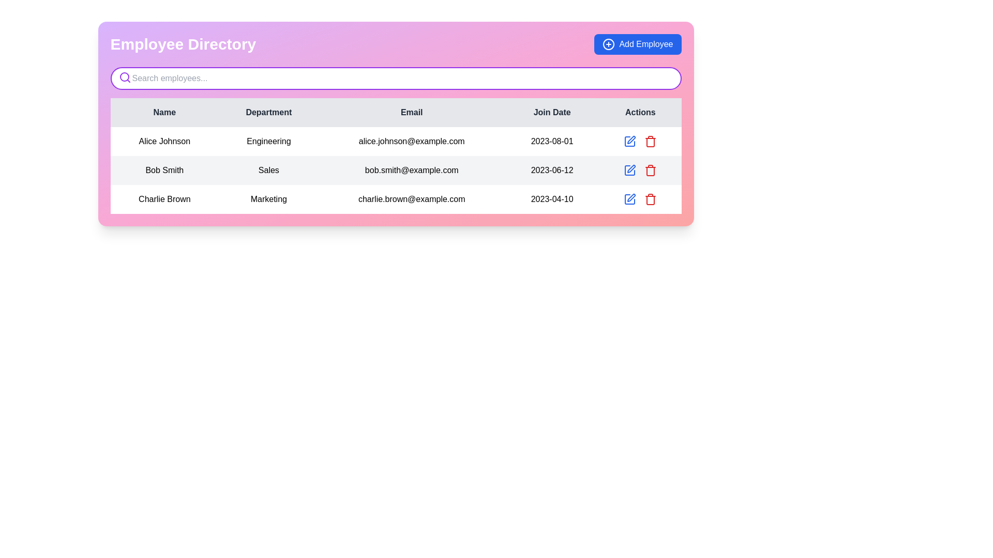 This screenshot has width=993, height=558. I want to click on the text label displaying 'Charlie Brown', which is located in the first column of the last row of the employee records table, so click(164, 199).